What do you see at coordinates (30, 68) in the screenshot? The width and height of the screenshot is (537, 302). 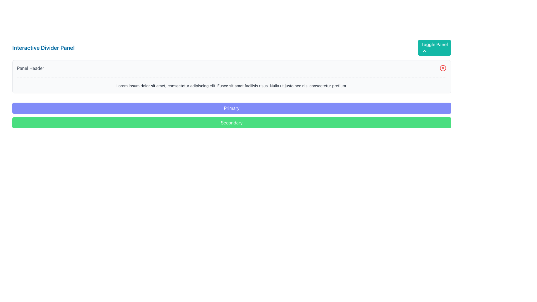 I see `label element located at the top-left corner of the panel that indicates its content or purpose to the user` at bounding box center [30, 68].